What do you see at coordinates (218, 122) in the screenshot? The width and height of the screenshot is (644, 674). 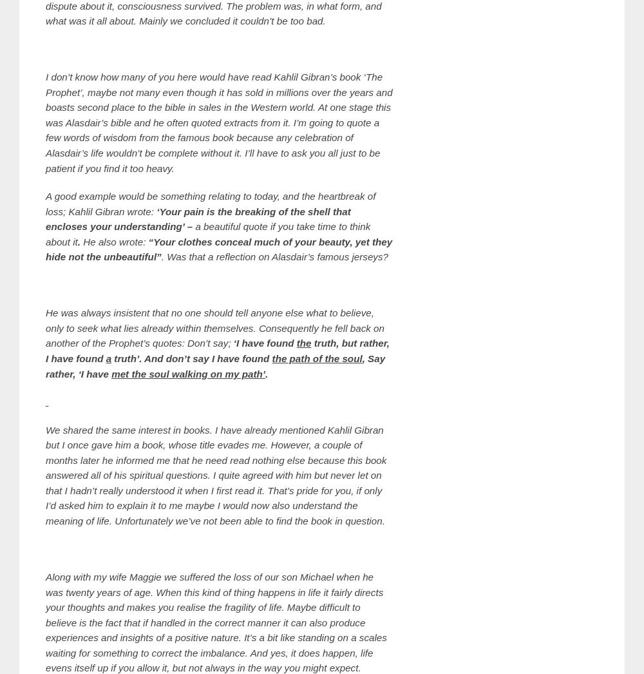 I see `'I don’t know how many of you here would have read Kahlil Gibran’s book ‘The Prophet’, maybe not many even though it has sold in millions over the years and boasts second place to the bible in sales in the Western world. At one stage this was Alasdair’s bible and he often quoted extracts from it. I’m going to quote a few words of wisdom from the famous book because any celebration of Alasdair’s life wouldn’t be complete without it. I’ll have to ask you all just to be patient if you find it too heavy.'` at bounding box center [218, 122].